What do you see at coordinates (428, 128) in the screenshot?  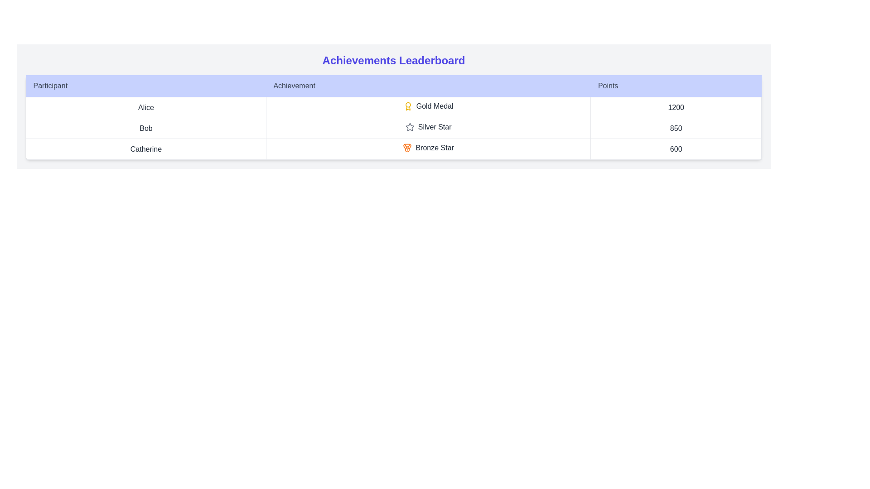 I see `the 'Silver Star' achievement icon for participant 'Bob' in the leaderboard table, located in the 'Achievement' column, second row` at bounding box center [428, 128].